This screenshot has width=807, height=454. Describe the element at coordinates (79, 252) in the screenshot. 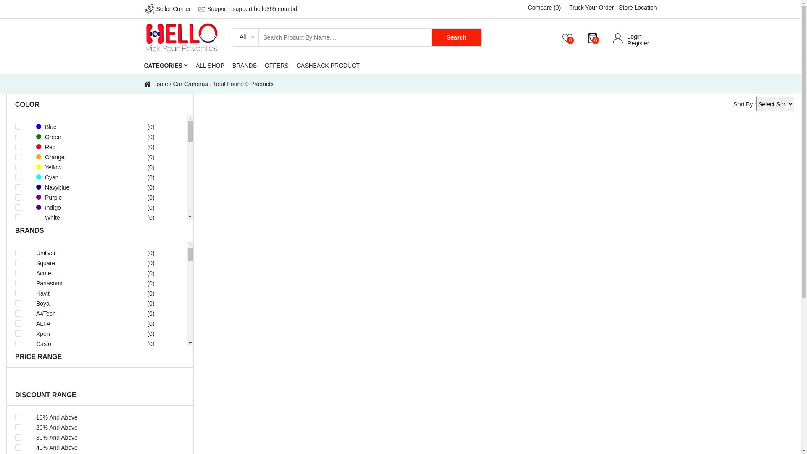

I see `'Uniliver'` at that location.